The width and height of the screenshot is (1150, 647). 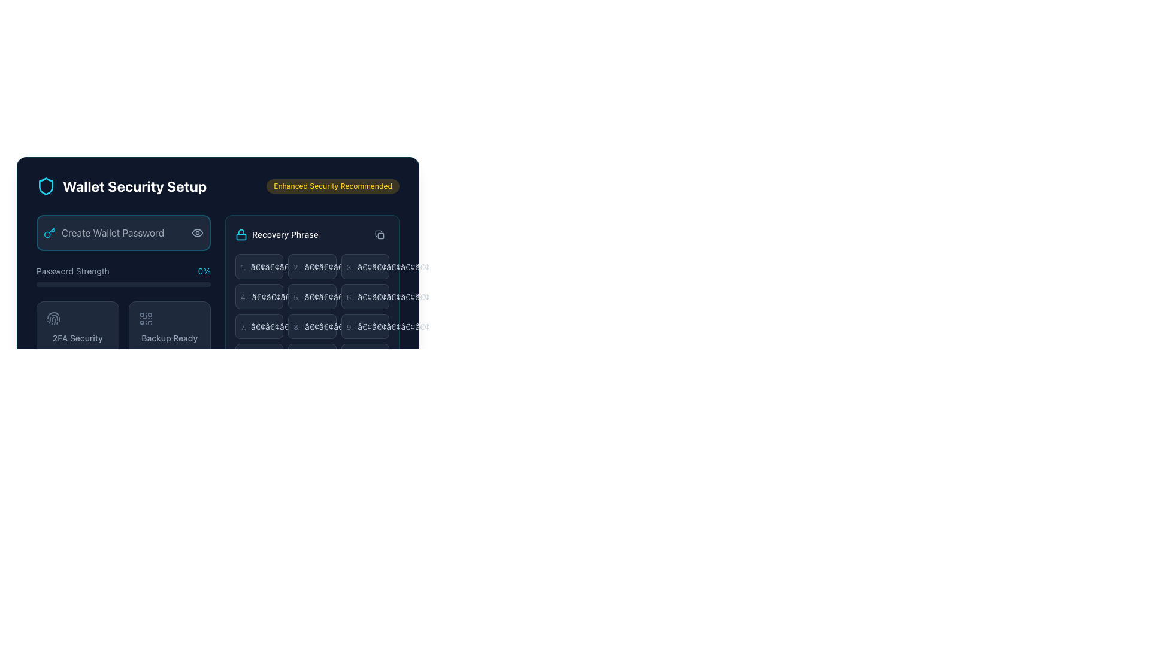 I want to click on the shield icon with a cyan color, located at the top left corner of the interface, adjacent to the 'Wallet Security Setup' text, so click(x=46, y=186).